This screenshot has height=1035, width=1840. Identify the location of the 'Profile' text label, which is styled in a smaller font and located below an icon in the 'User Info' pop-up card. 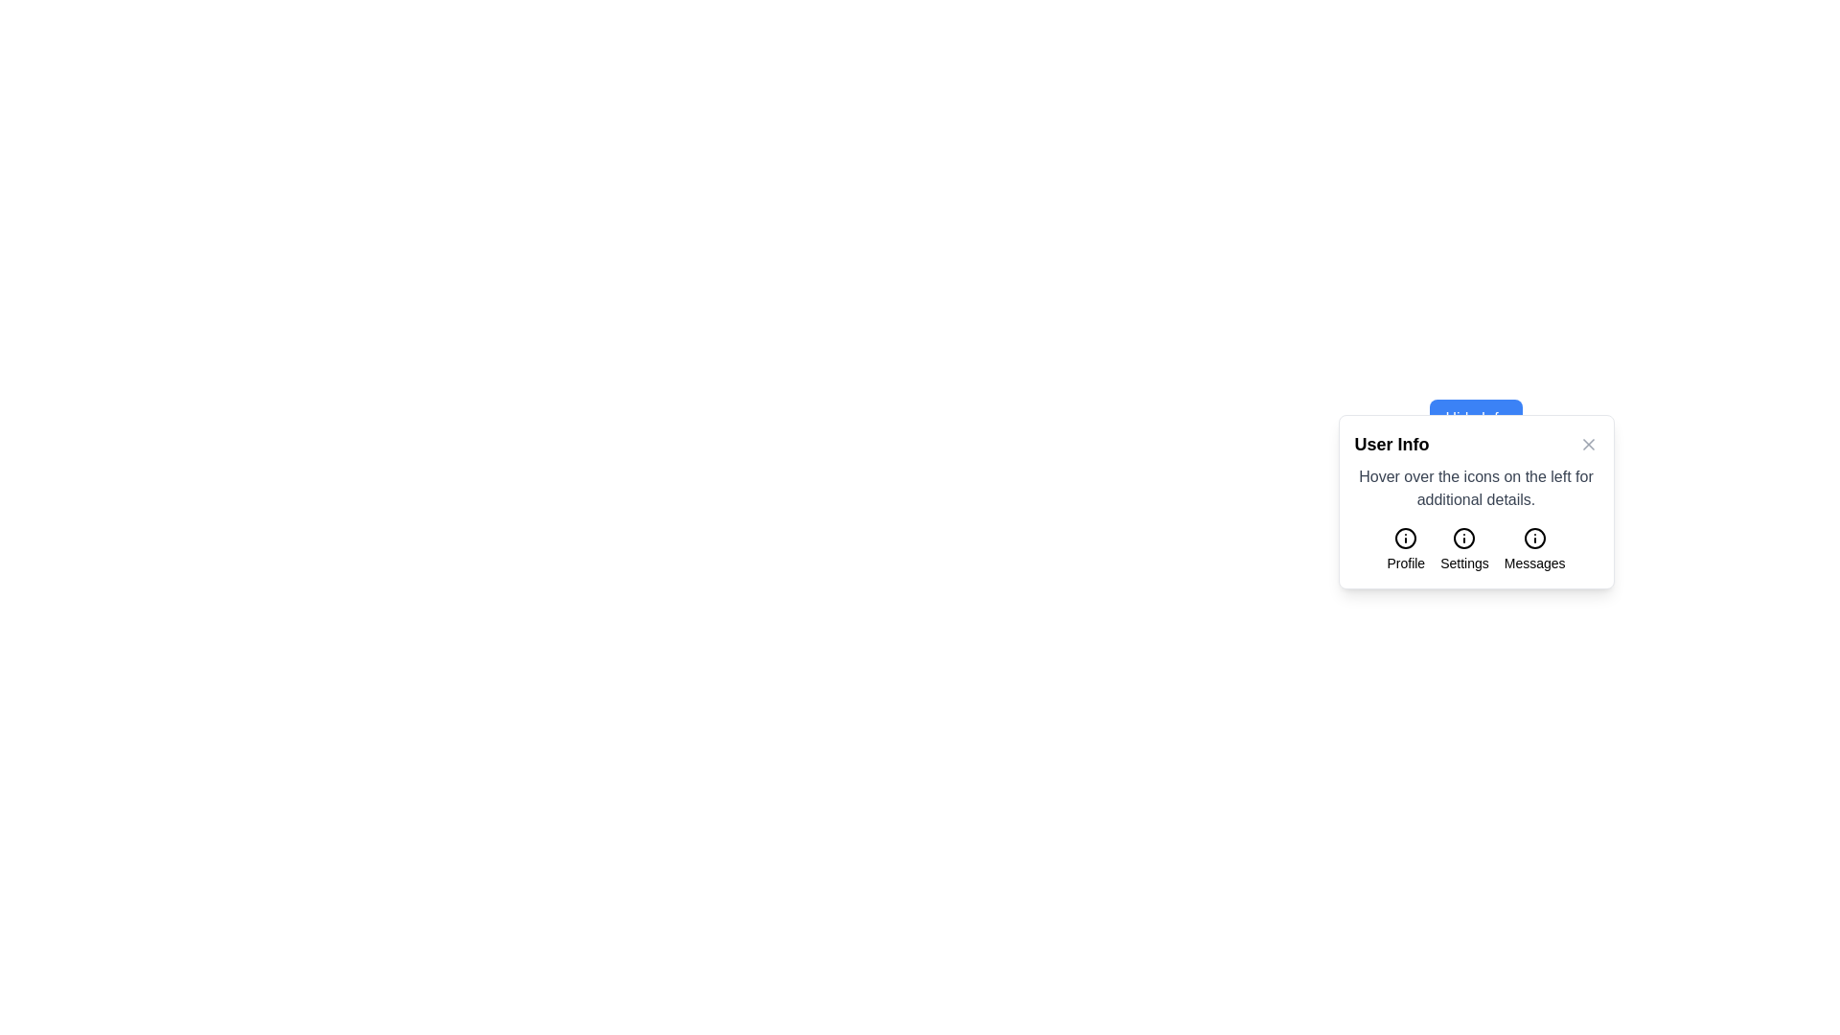
(1406, 562).